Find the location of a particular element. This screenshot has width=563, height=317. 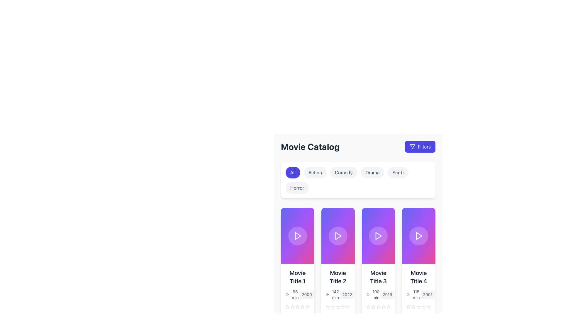

the second star icon in the rating section under the card labeled 'Movie Title 1' to rate it is located at coordinates (292, 306).